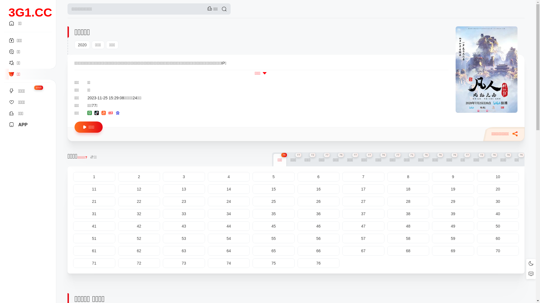 This screenshot has height=303, width=540. What do you see at coordinates (118, 251) in the screenshot?
I see `'62'` at bounding box center [118, 251].